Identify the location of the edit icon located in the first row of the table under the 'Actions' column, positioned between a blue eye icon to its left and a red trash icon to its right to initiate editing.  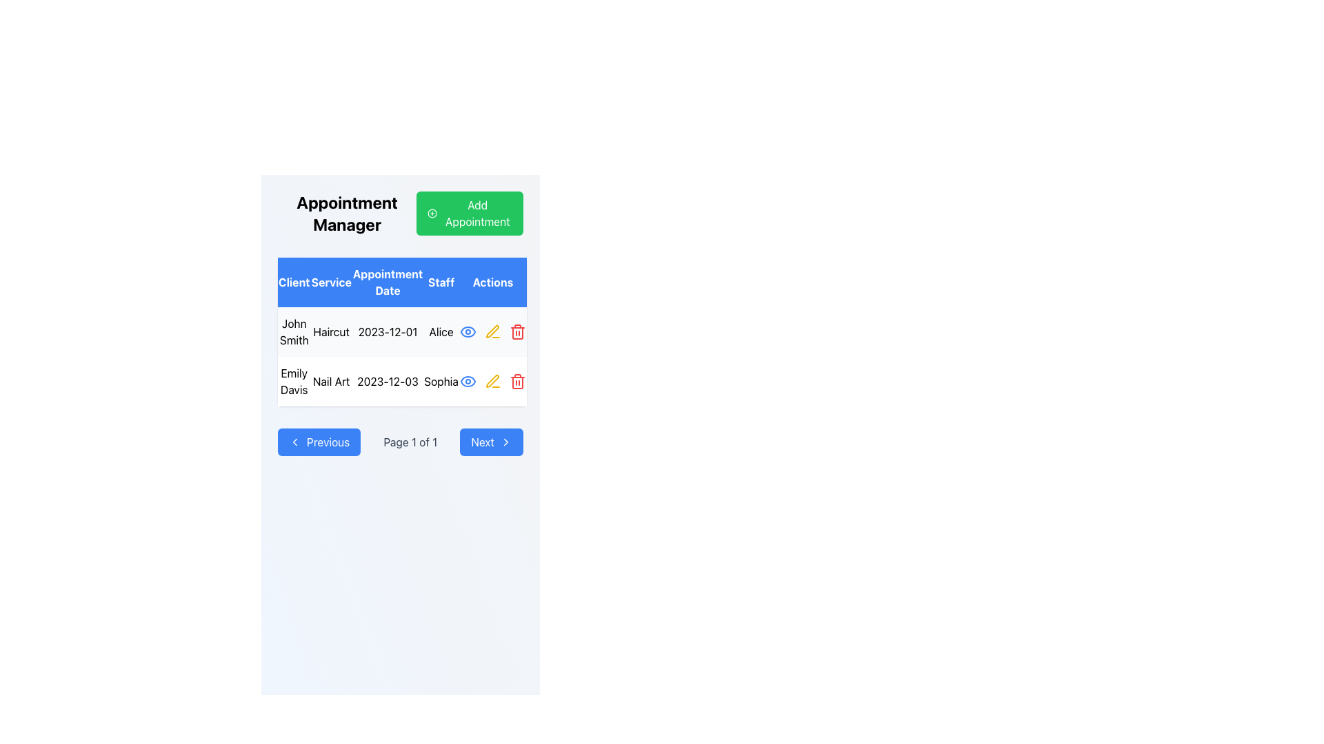
(492, 332).